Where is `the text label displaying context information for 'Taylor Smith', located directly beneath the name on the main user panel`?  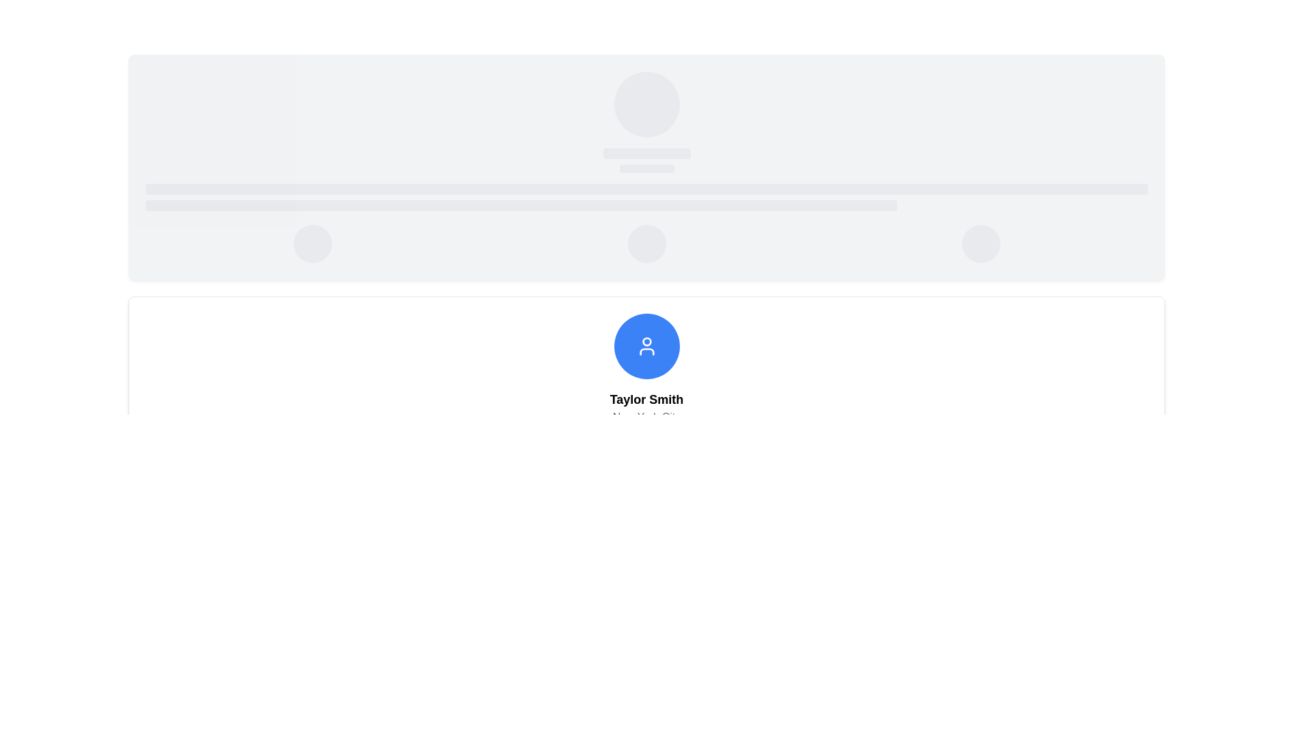 the text label displaying context information for 'Taylor Smith', located directly beneath the name on the main user panel is located at coordinates (646, 416).